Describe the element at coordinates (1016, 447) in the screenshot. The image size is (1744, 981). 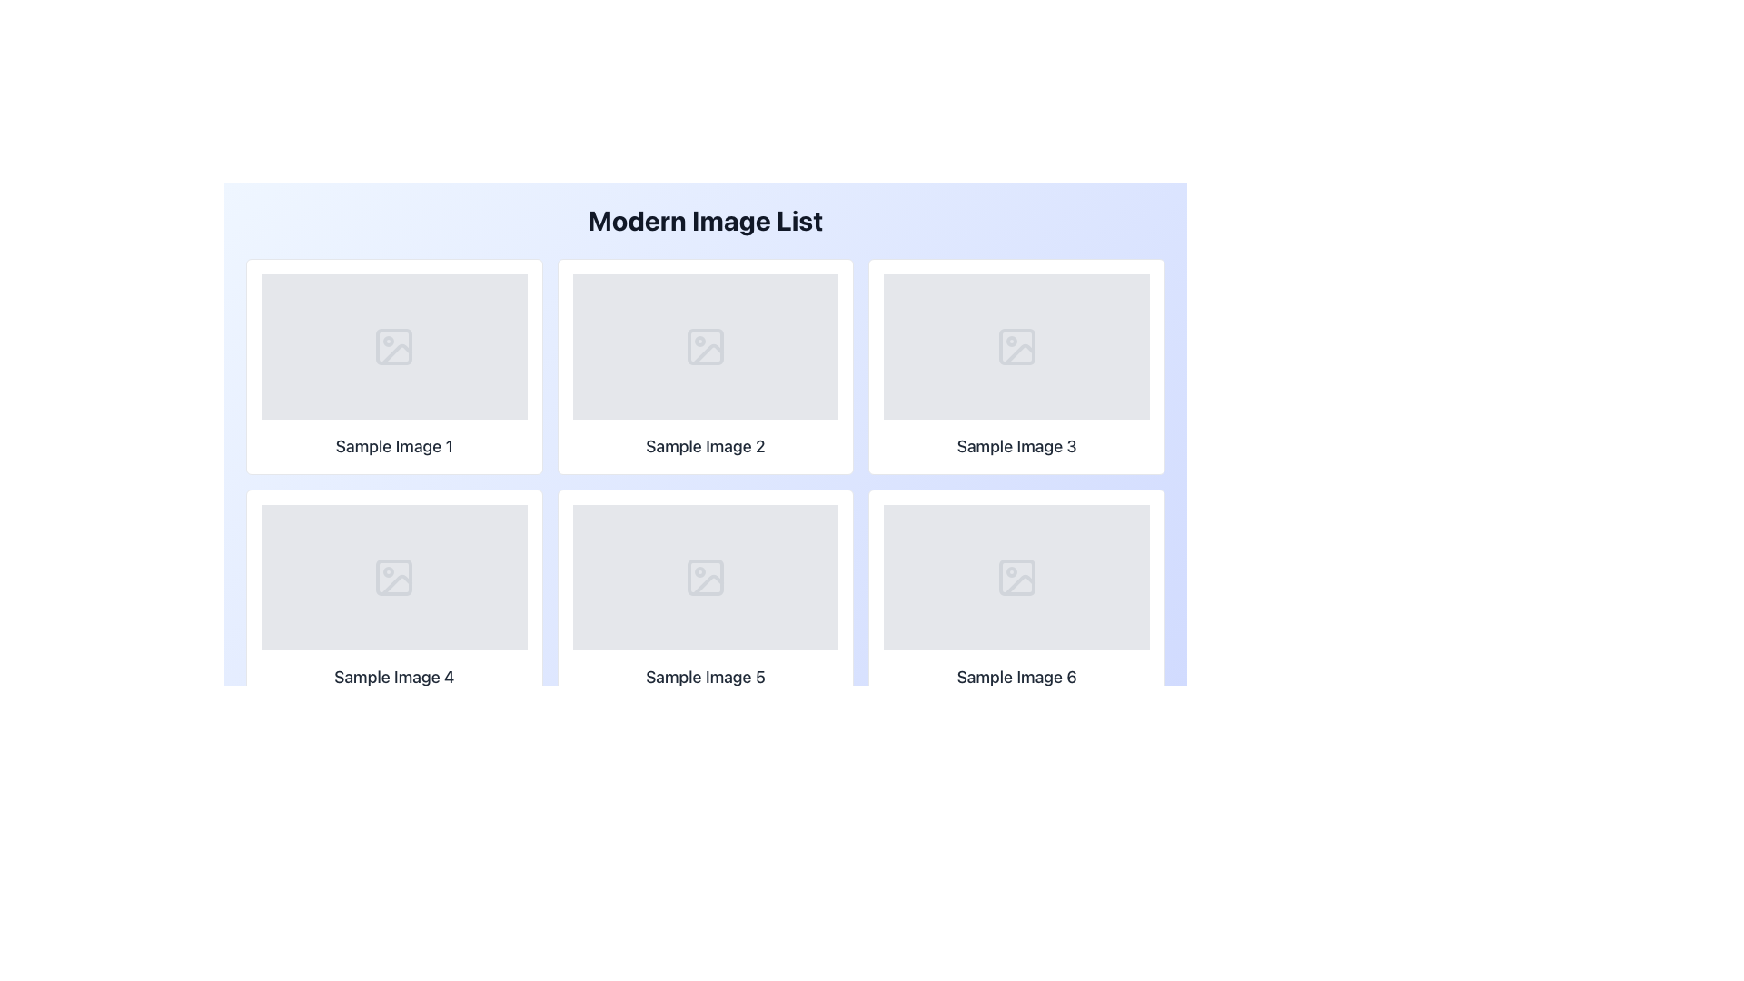
I see `the text label located on the right side of the second row in a grid layout, which serves as a descriptive title for the associated image placeholder` at that location.